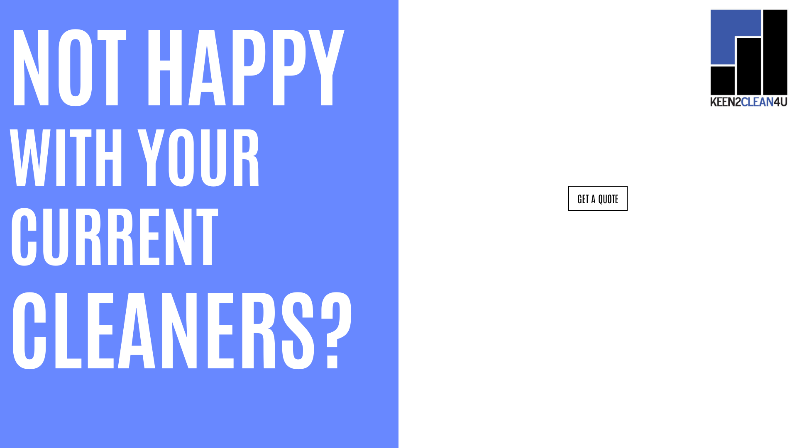 This screenshot has width=797, height=448. Describe the element at coordinates (597, 198) in the screenshot. I see `'GET A QUOTE'` at that location.